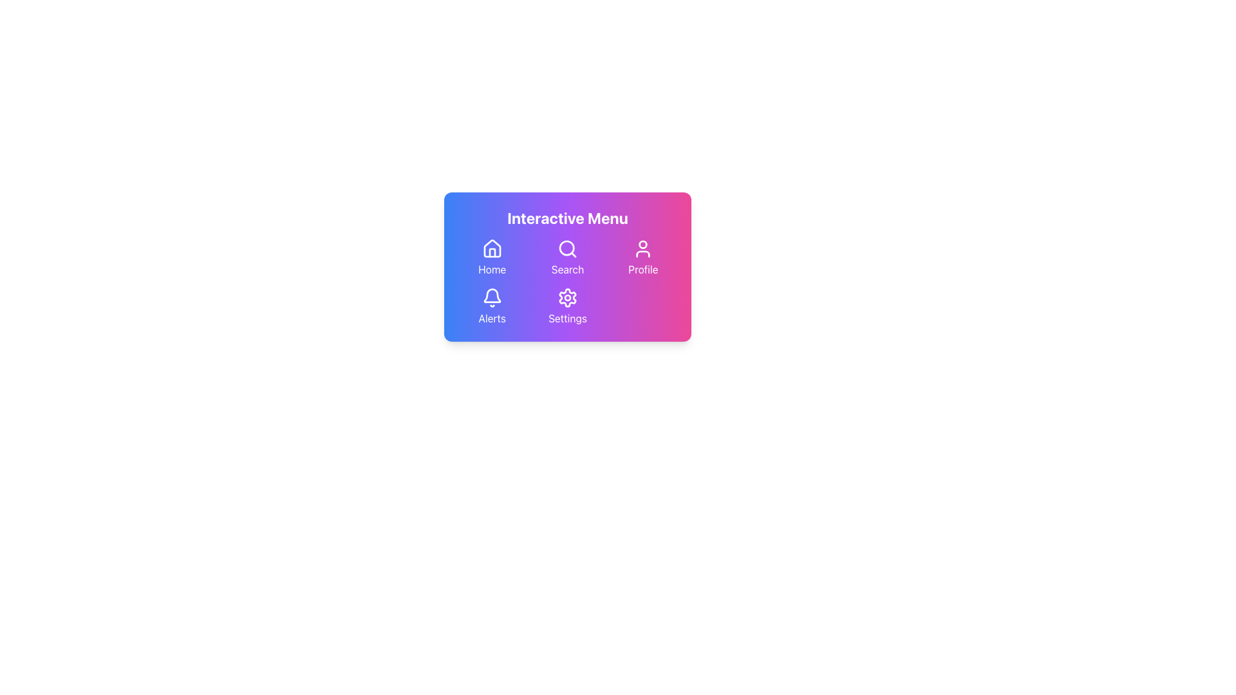 This screenshot has width=1236, height=695. What do you see at coordinates (491, 318) in the screenshot?
I see `the 'Alerts' text label located in the second row, first column of the menu grid, directly below the 'Home' section and to the left of the 'Settings' section` at bounding box center [491, 318].